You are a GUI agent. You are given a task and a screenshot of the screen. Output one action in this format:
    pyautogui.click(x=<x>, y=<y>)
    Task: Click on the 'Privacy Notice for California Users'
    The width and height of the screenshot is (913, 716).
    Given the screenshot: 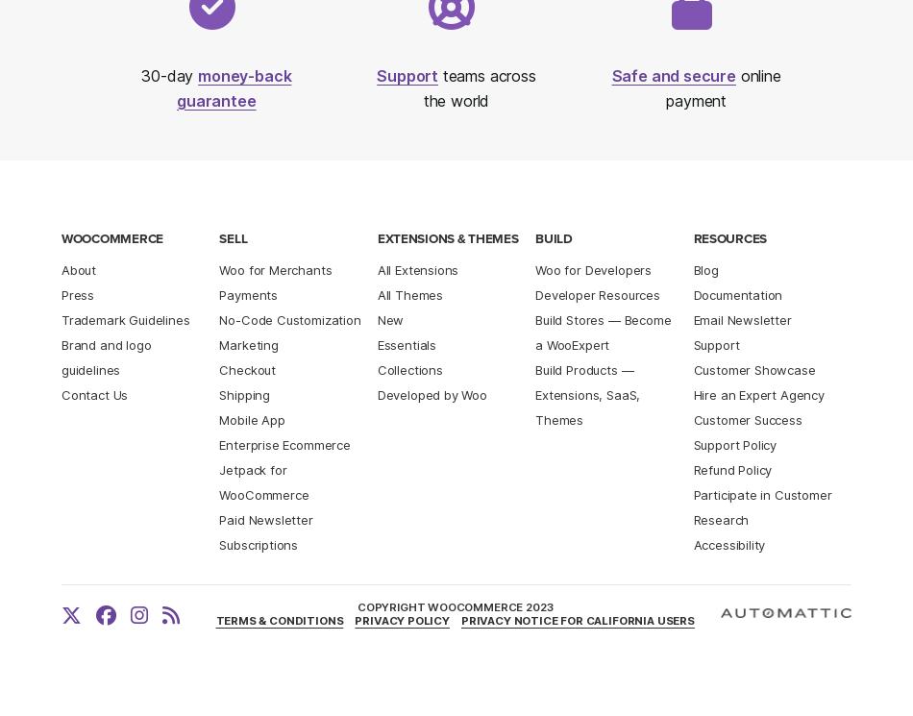 What is the action you would take?
    pyautogui.click(x=459, y=619)
    